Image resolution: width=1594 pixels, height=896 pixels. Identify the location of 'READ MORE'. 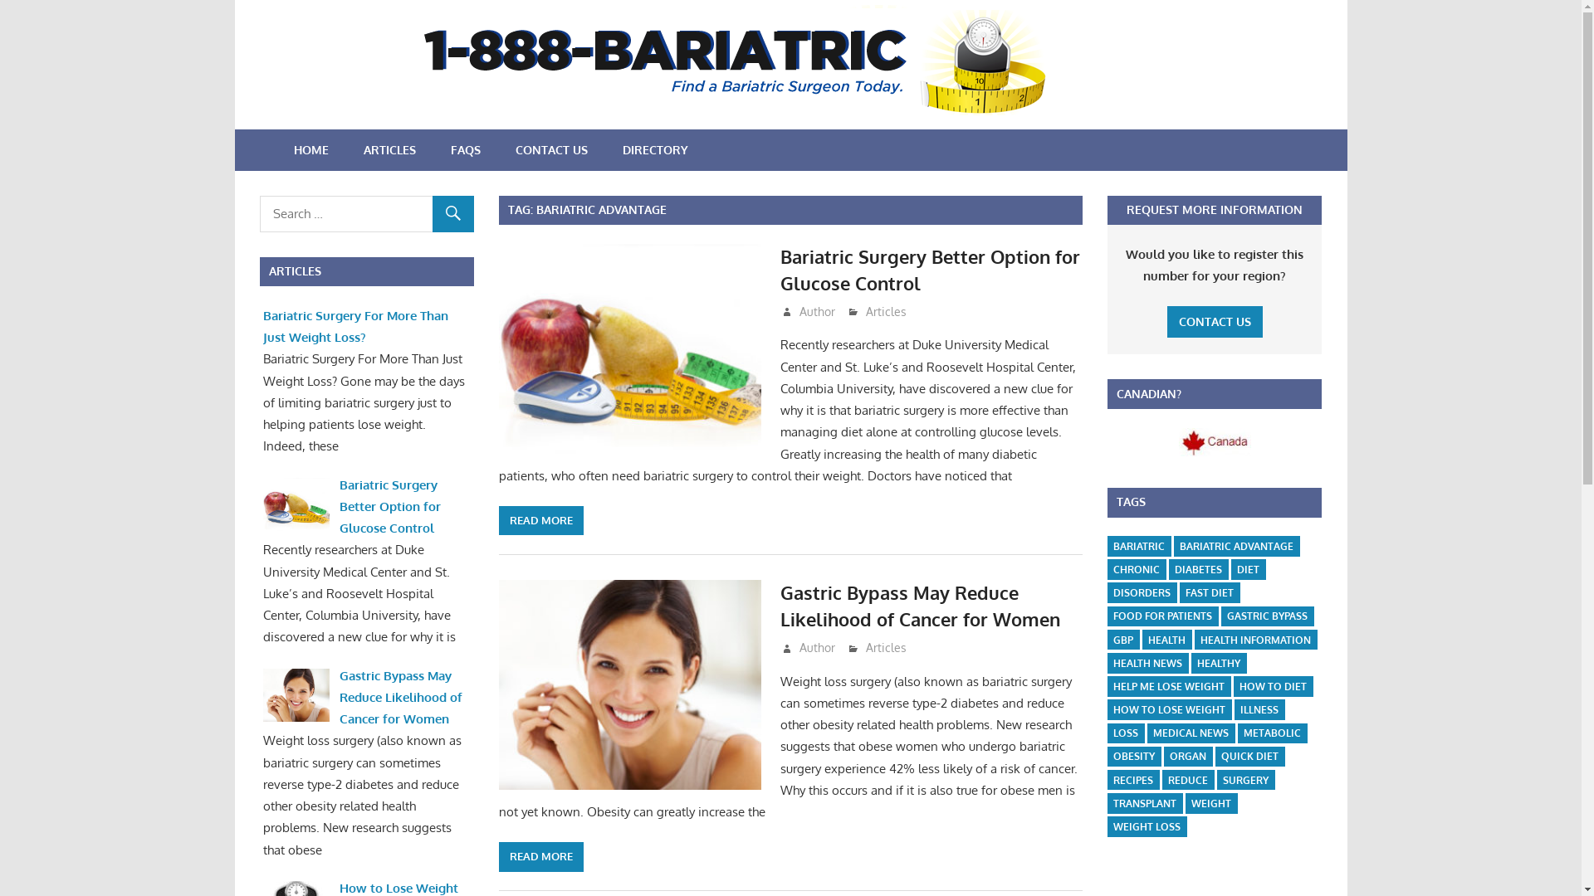
(541, 520).